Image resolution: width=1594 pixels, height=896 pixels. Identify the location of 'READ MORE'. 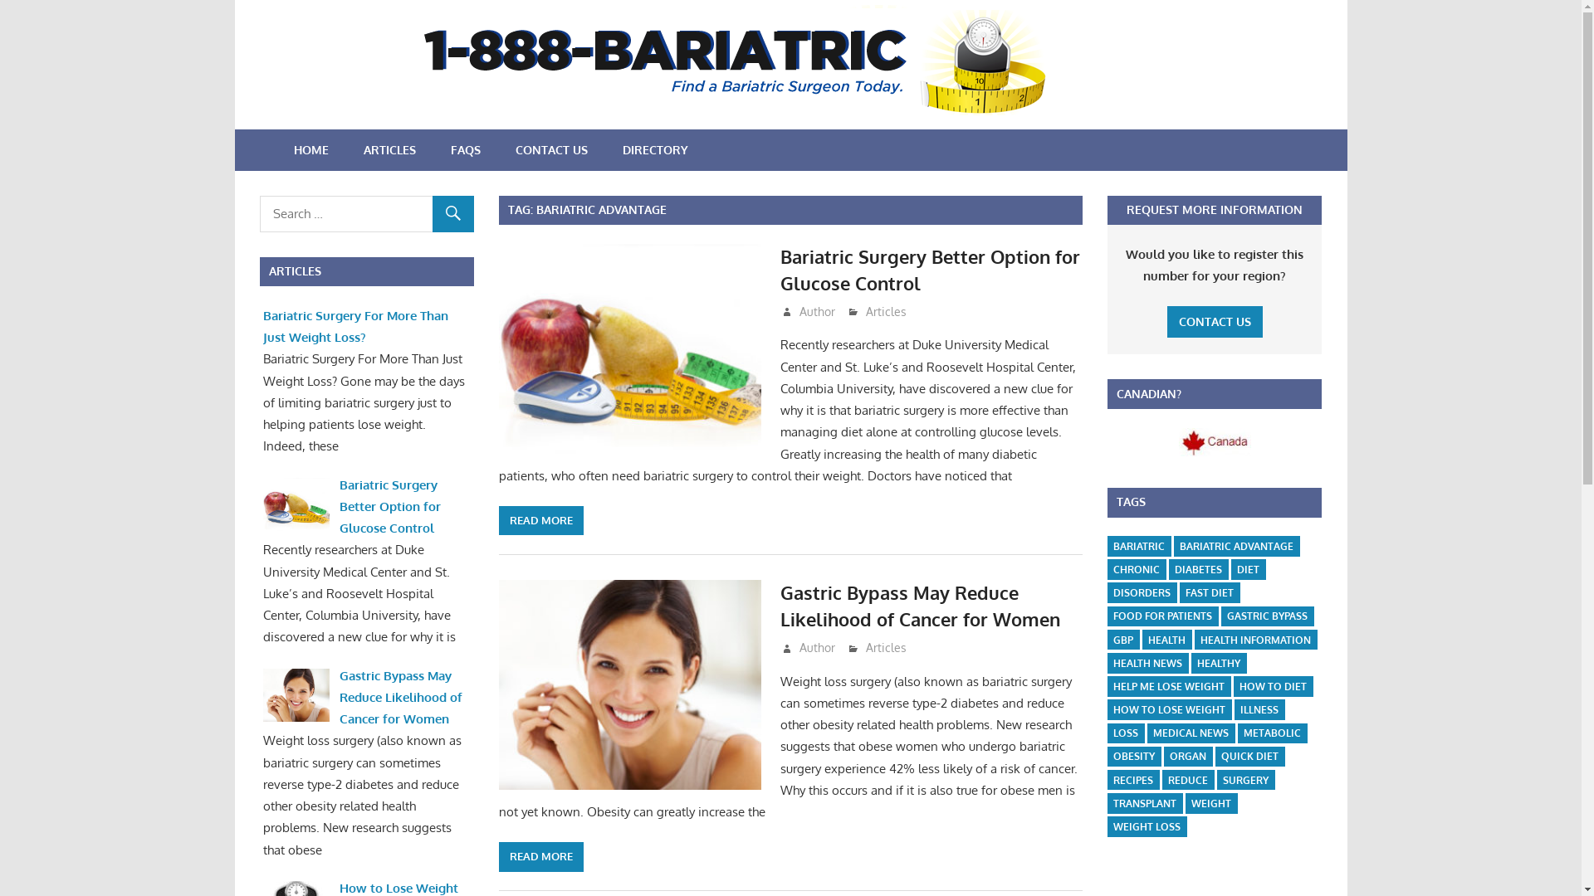
(541, 520).